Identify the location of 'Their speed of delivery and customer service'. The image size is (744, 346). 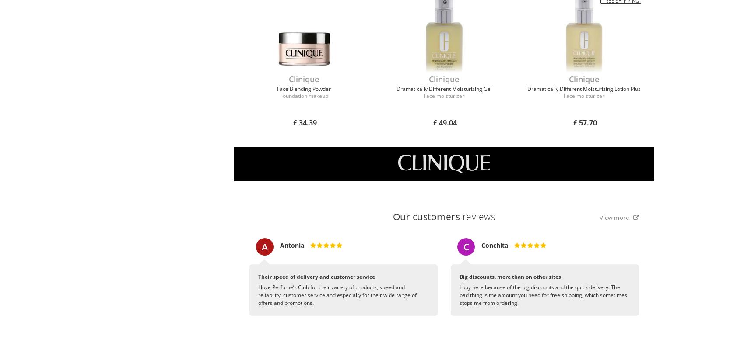
(258, 276).